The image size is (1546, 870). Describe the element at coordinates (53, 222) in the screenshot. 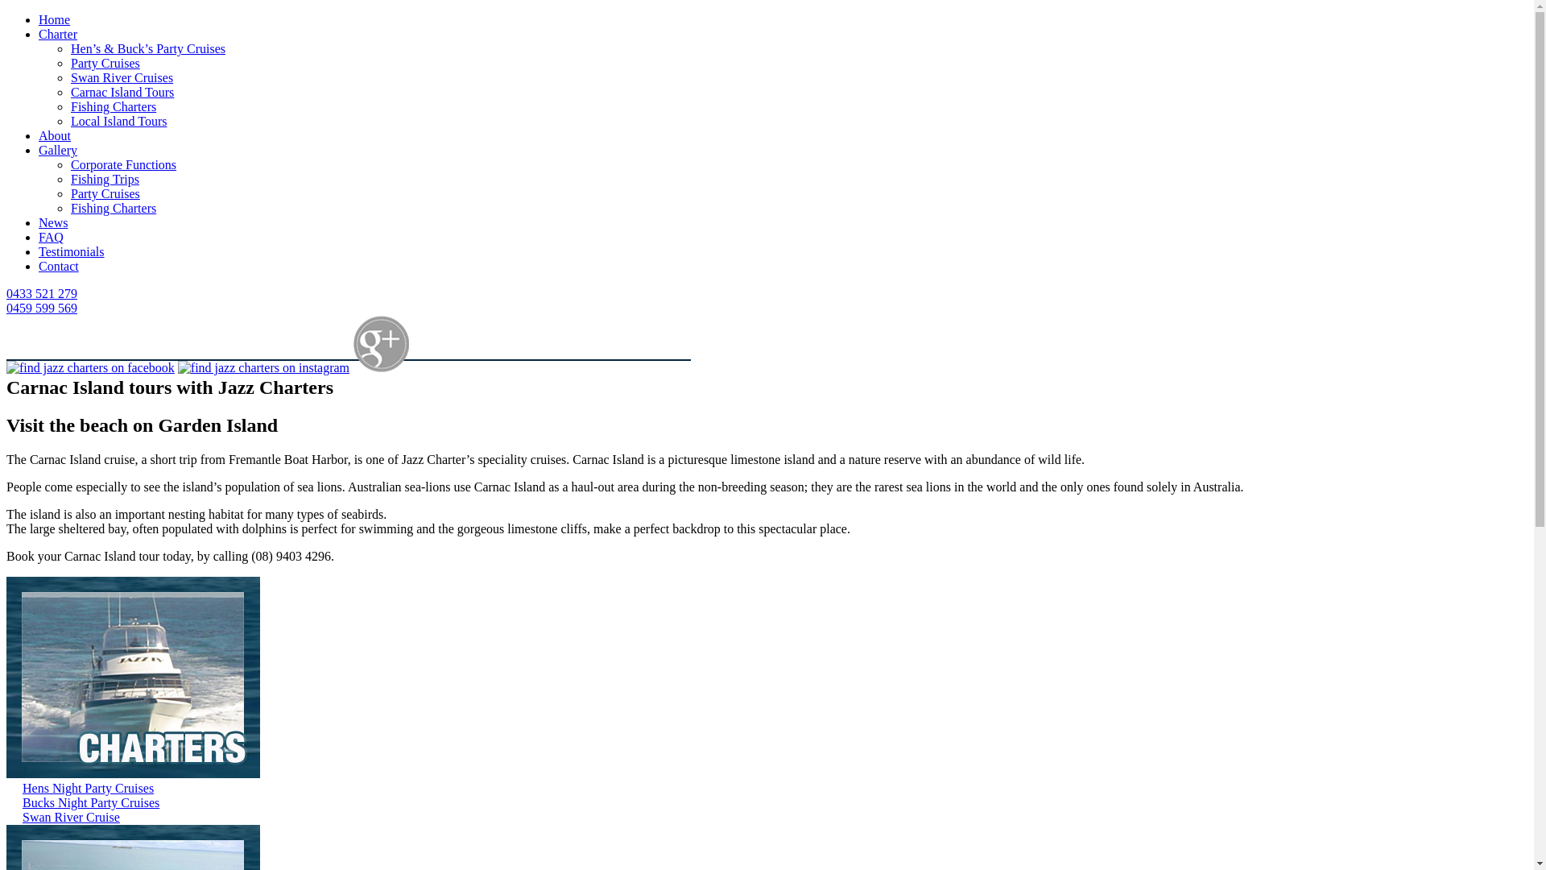

I see `'News'` at that location.